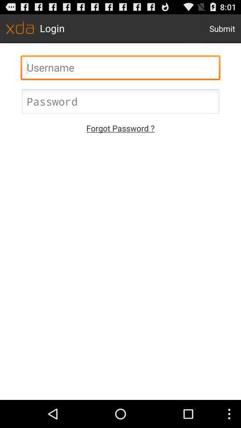 The height and width of the screenshot is (428, 241). Describe the element at coordinates (221, 28) in the screenshot. I see `app to the right of the login` at that location.